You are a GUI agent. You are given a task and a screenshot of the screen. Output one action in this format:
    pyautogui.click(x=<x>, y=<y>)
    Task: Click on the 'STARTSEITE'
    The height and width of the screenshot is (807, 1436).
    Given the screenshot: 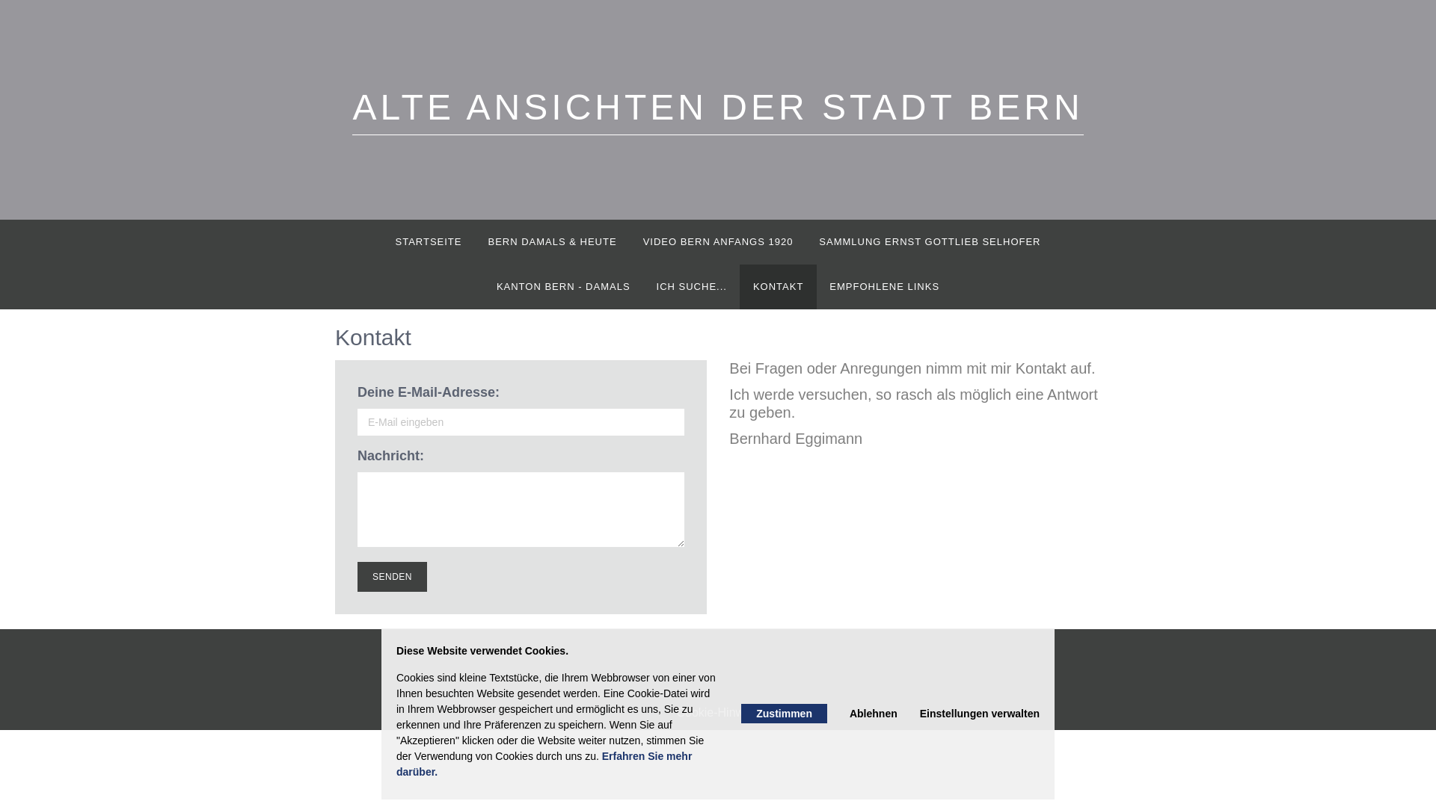 What is the action you would take?
    pyautogui.click(x=427, y=241)
    